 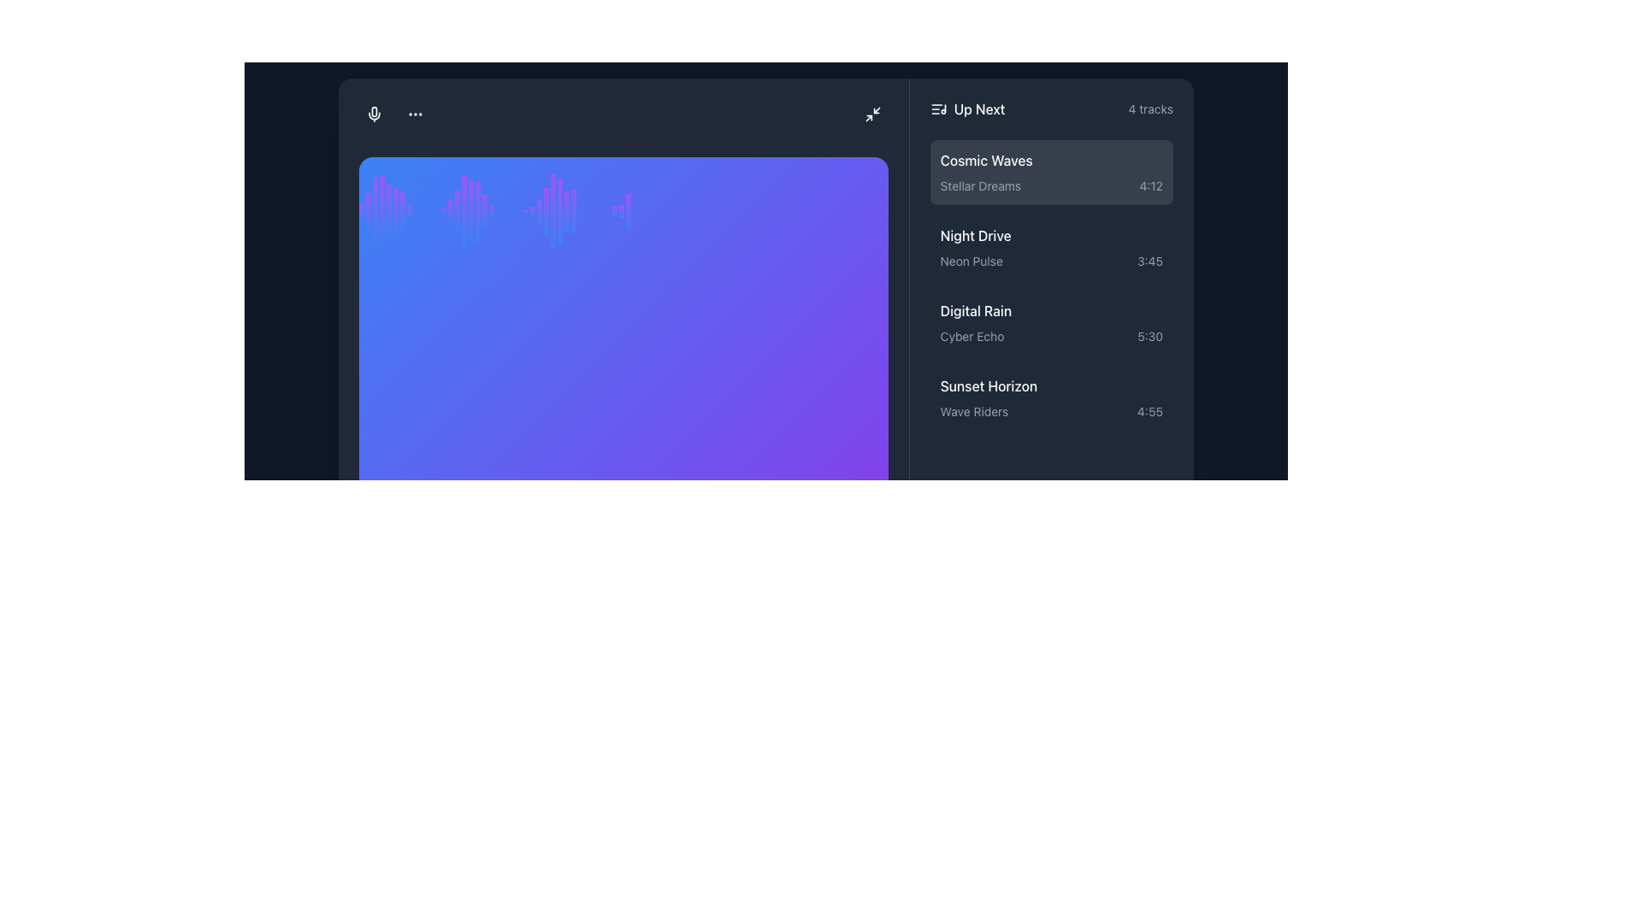 I want to click on the first graphical bar, which is a tall, narrow rectangle with a gradient from blue to purple, so click(x=360, y=209).